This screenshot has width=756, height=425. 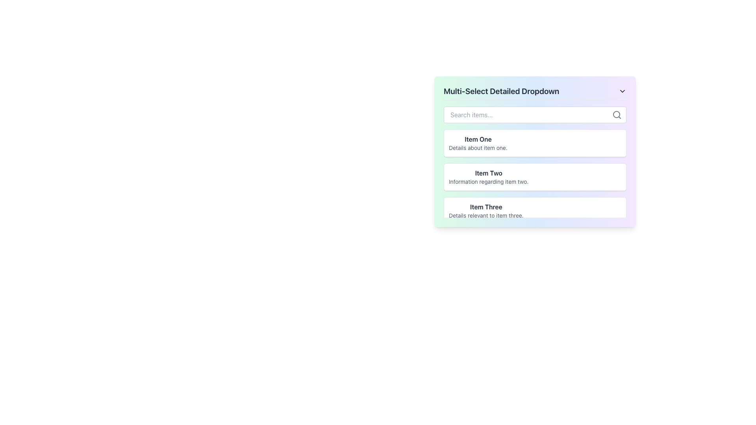 I want to click on the small downward-facing chevron icon for the dropdown functionality located at the top-right corner of the 'Multi-Select Detailed Dropdown' header, so click(x=622, y=91).